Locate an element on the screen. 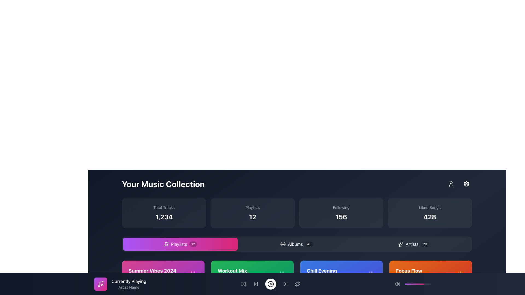  the previous track button icon, which is the third button from the left in the media control strip, to change its color to white is located at coordinates (255, 284).